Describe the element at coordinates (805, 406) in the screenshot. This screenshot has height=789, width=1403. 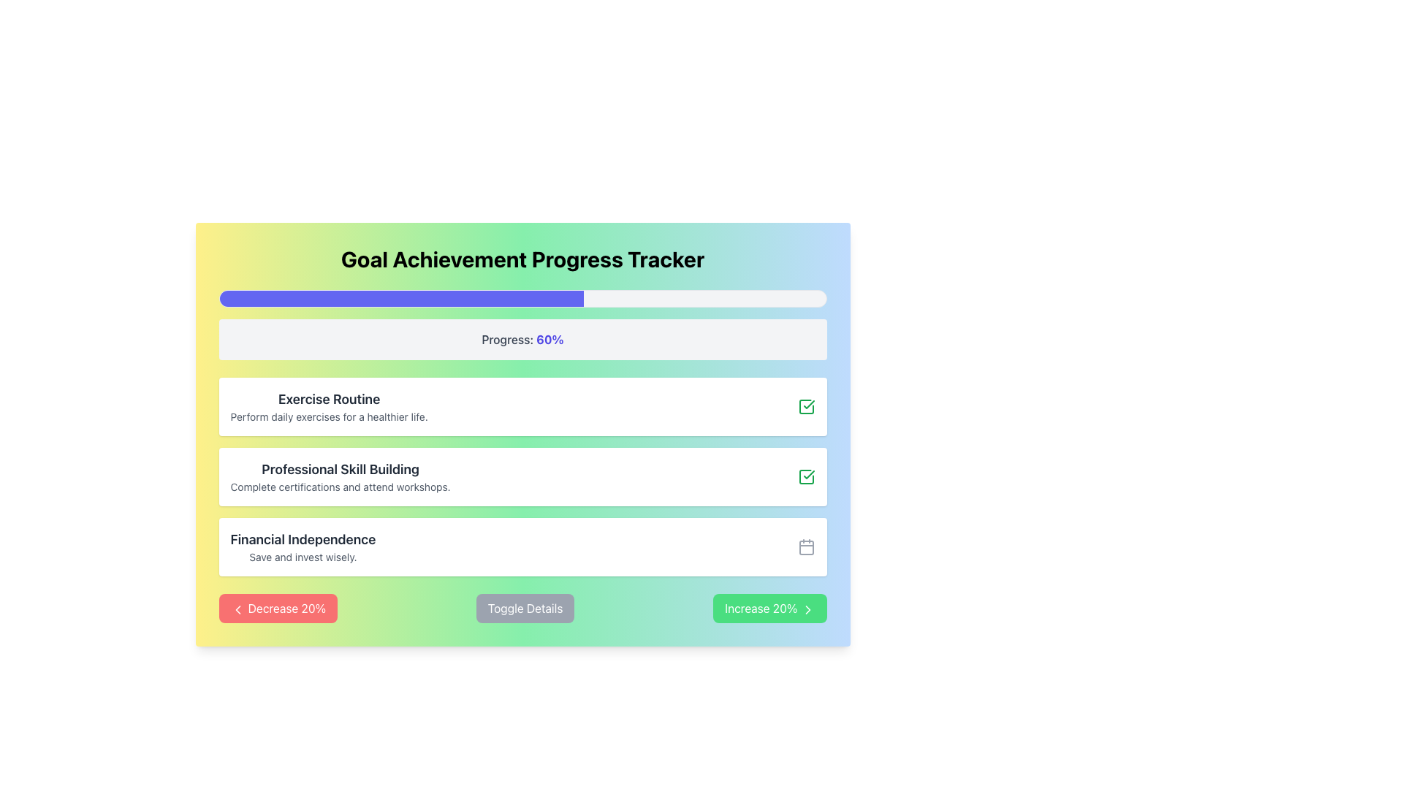
I see `the checkbox located at the far-right side of the 'Exercise Routine' card` at that location.